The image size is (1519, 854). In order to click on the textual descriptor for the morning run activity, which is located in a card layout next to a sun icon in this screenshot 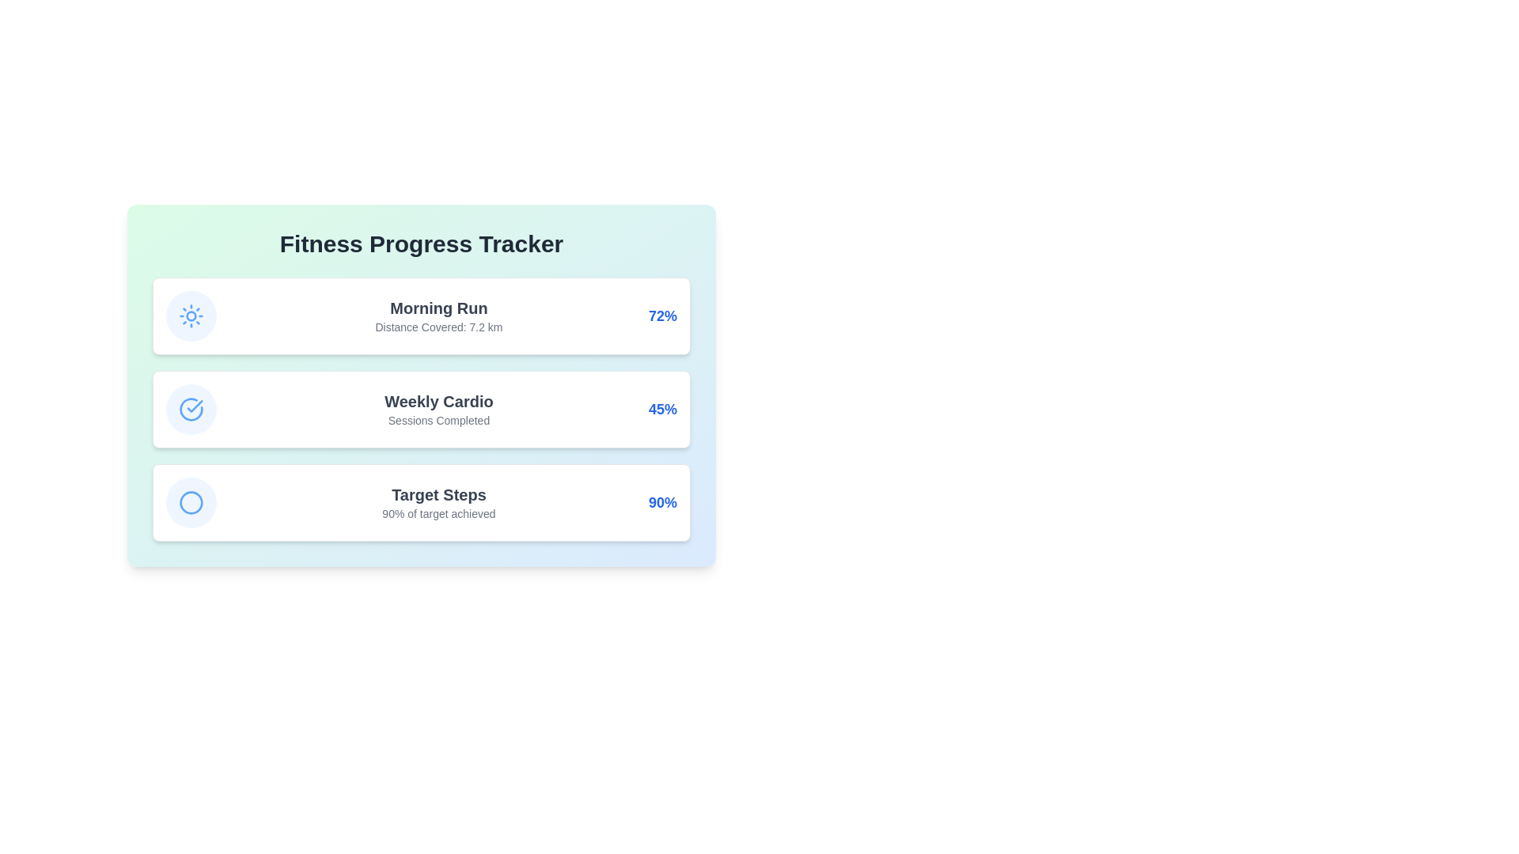, I will do `click(439, 316)`.